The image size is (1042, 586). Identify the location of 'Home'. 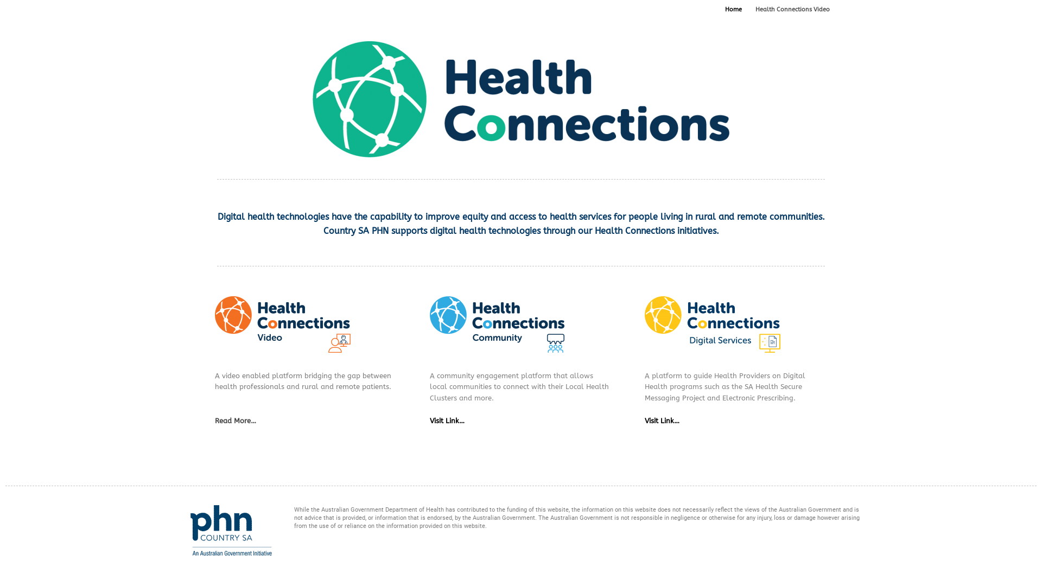
(733, 10).